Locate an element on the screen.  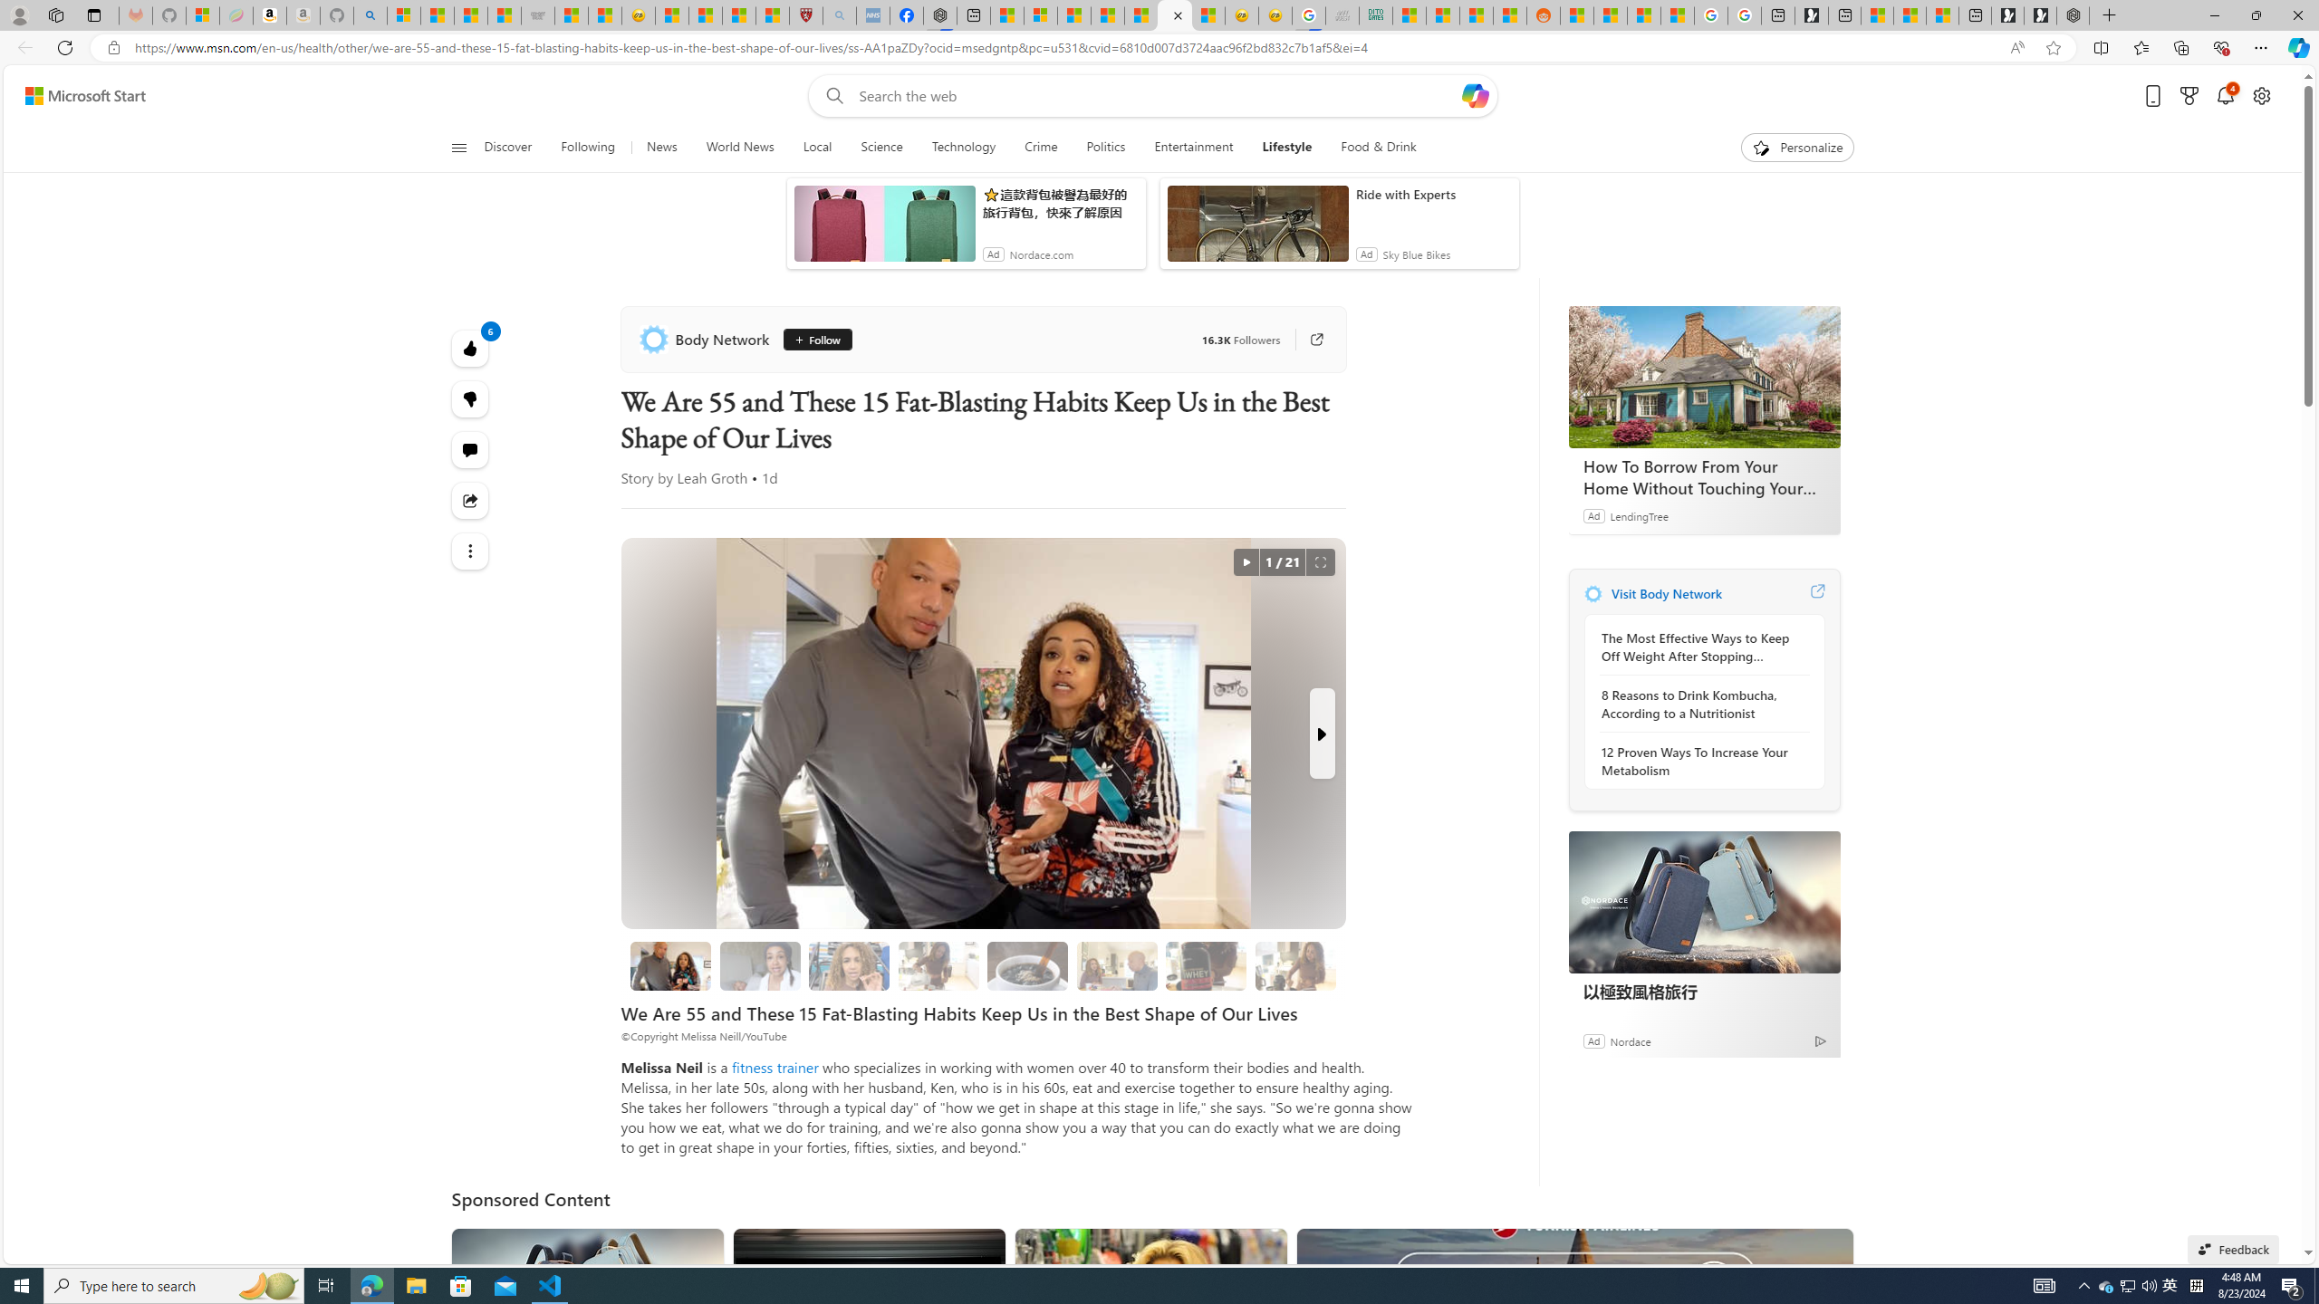
'Sky Blue Bikes' is located at coordinates (1414, 254).